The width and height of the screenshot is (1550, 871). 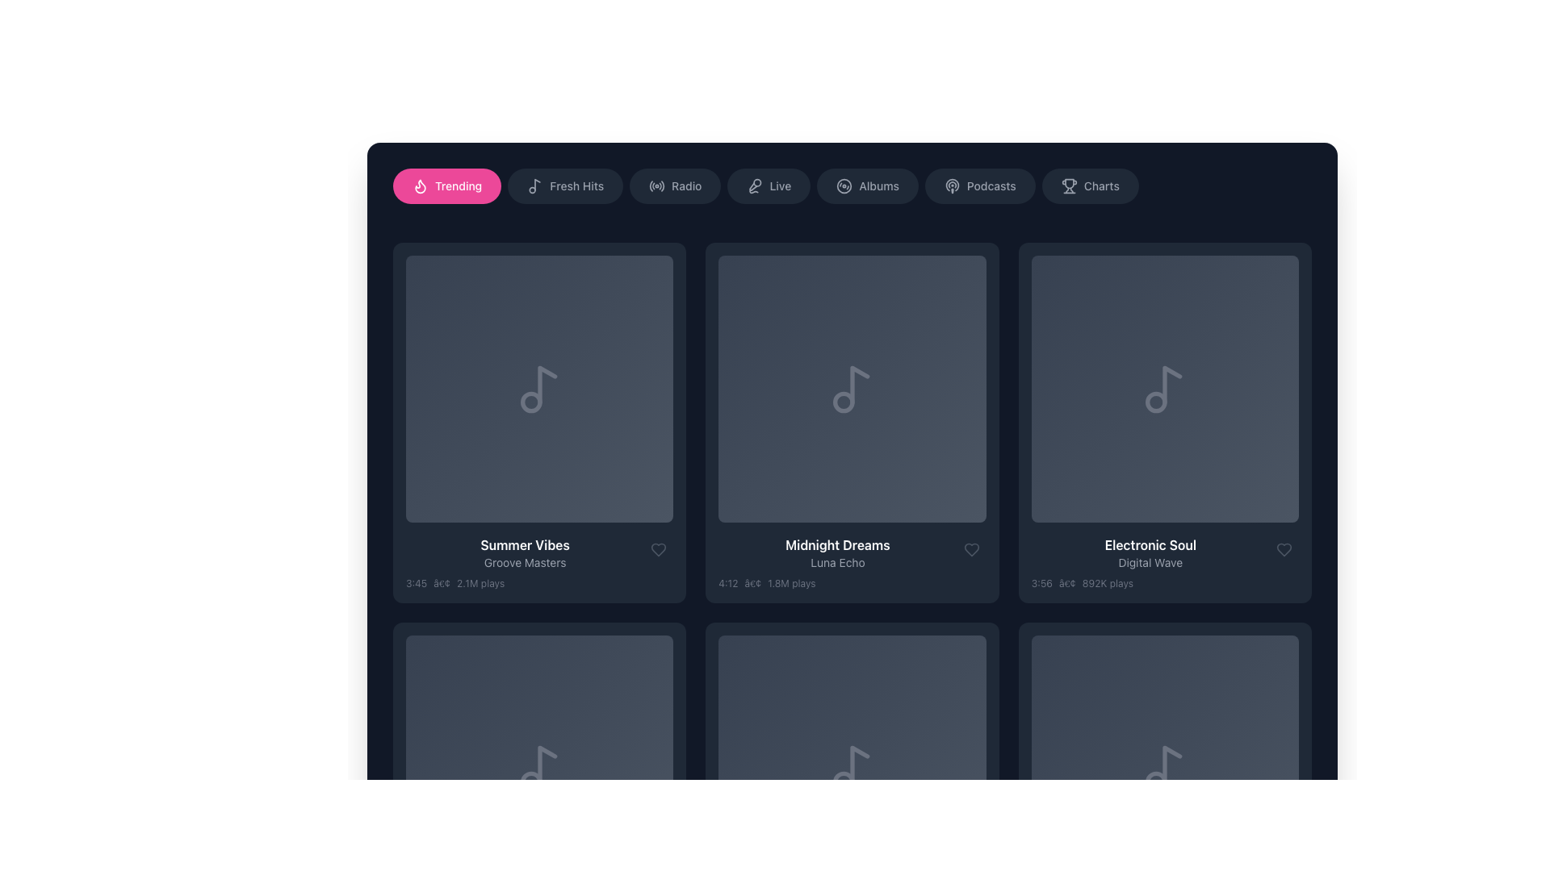 What do you see at coordinates (1100, 185) in the screenshot?
I see `the 'Charts' text label within the navigation button` at bounding box center [1100, 185].